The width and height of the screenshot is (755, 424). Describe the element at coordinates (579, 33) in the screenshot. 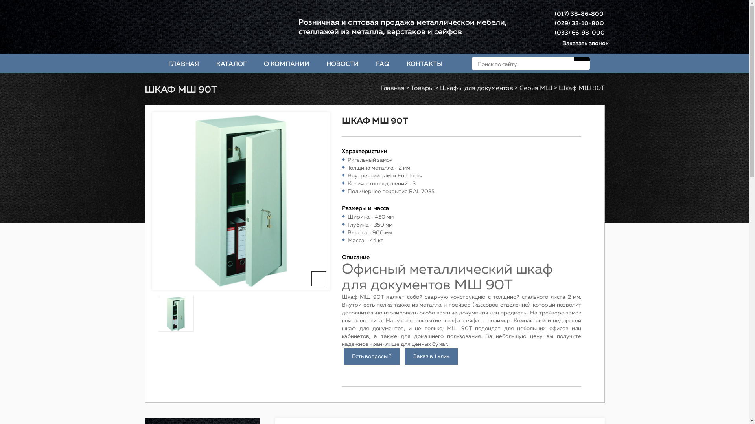

I see `'(033) 66-98-000'` at that location.